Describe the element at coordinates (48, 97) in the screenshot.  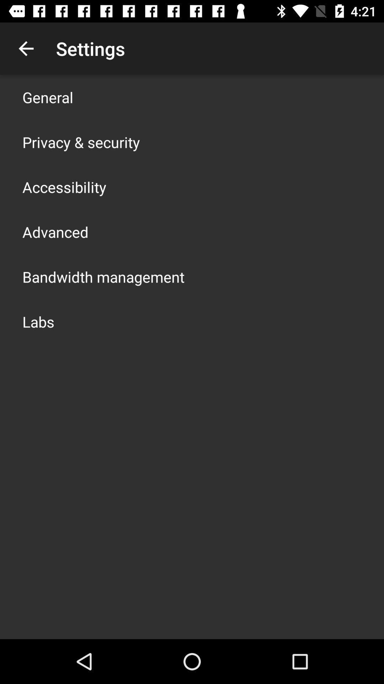
I see `general icon` at that location.